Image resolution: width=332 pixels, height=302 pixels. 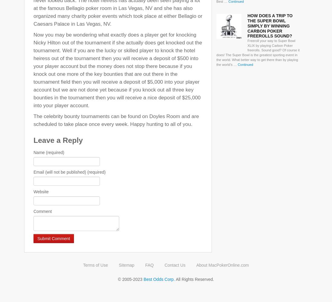 What do you see at coordinates (33, 152) in the screenshot?
I see `'Name (required)'` at bounding box center [33, 152].